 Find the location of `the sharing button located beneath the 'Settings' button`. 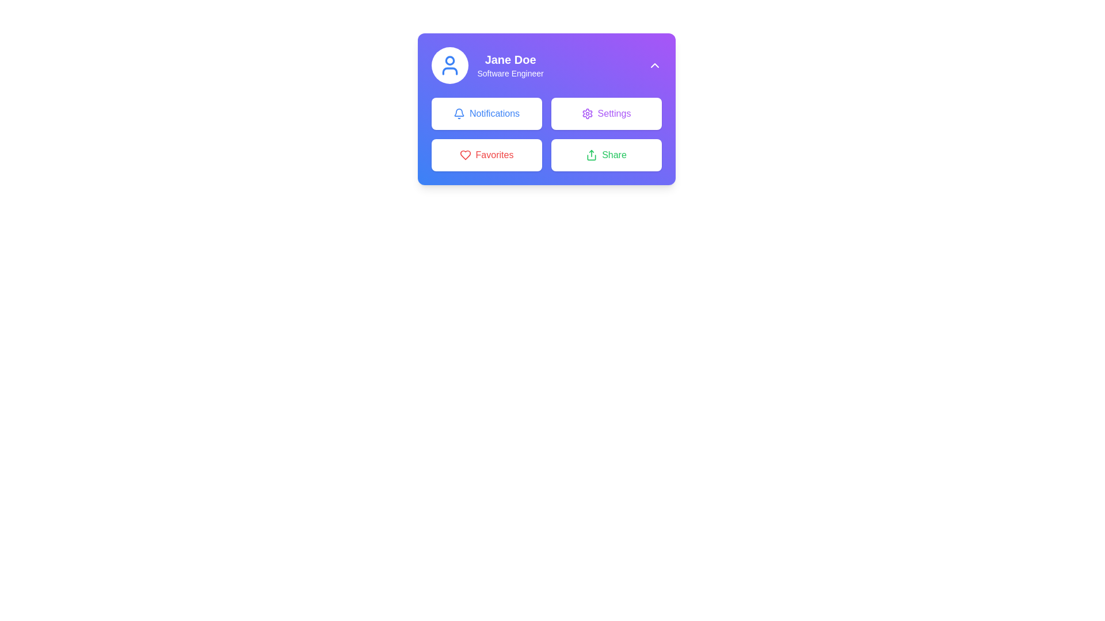

the sharing button located beneath the 'Settings' button is located at coordinates (605, 155).